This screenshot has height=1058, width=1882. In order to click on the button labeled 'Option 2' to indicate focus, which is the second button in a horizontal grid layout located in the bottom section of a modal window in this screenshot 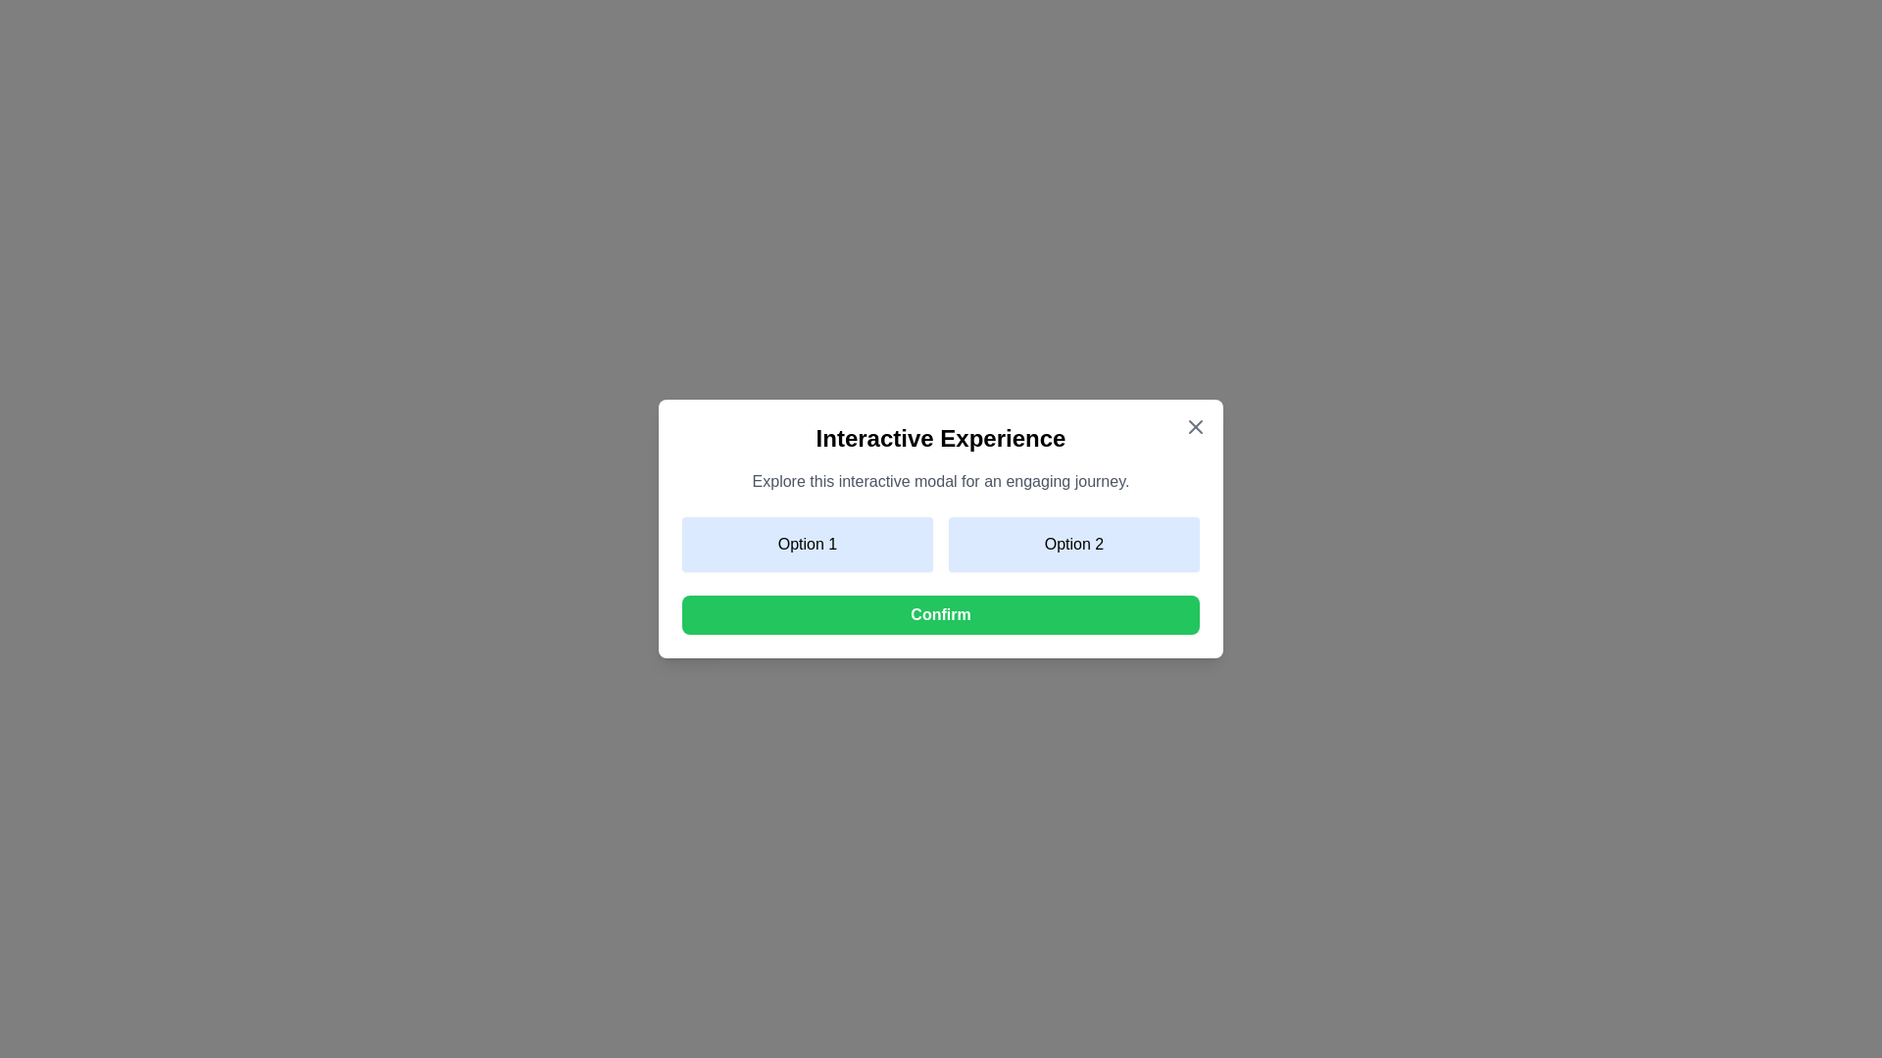, I will do `click(1072, 544)`.